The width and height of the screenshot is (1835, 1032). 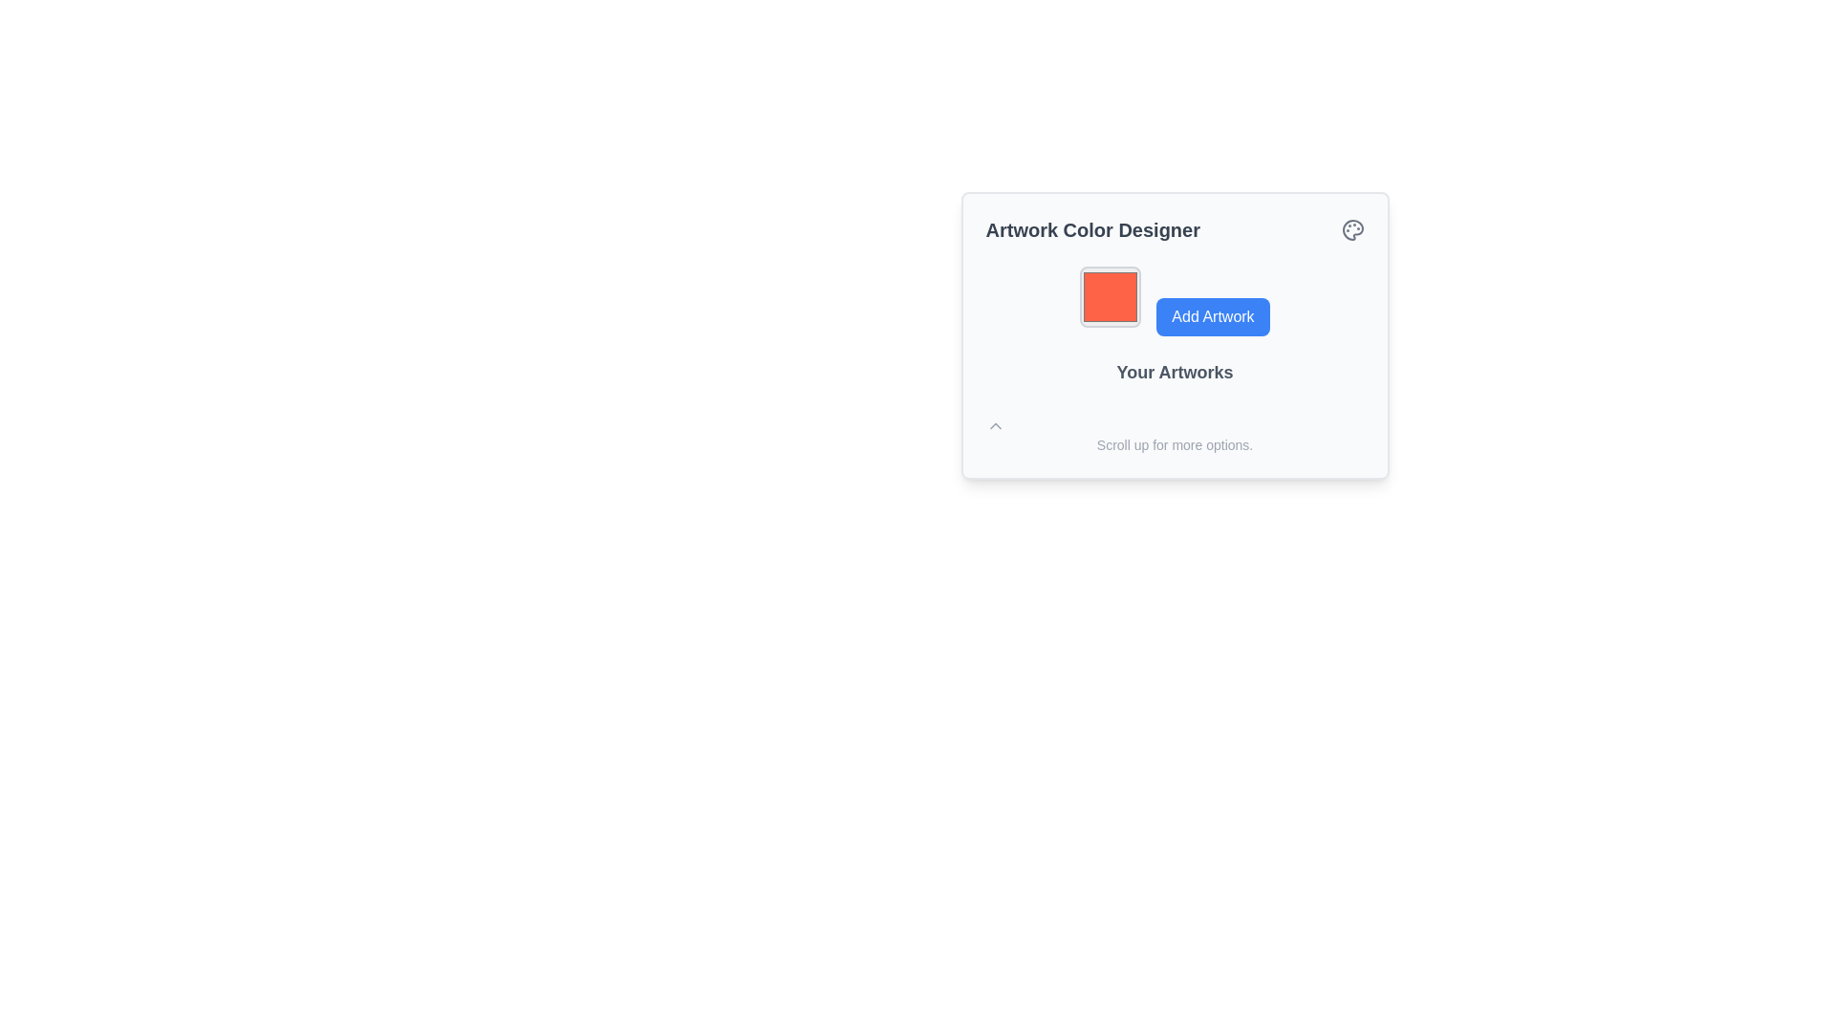 What do you see at coordinates (1174, 301) in the screenshot?
I see `the blue rectangular button labeled 'Add Artwork'` at bounding box center [1174, 301].